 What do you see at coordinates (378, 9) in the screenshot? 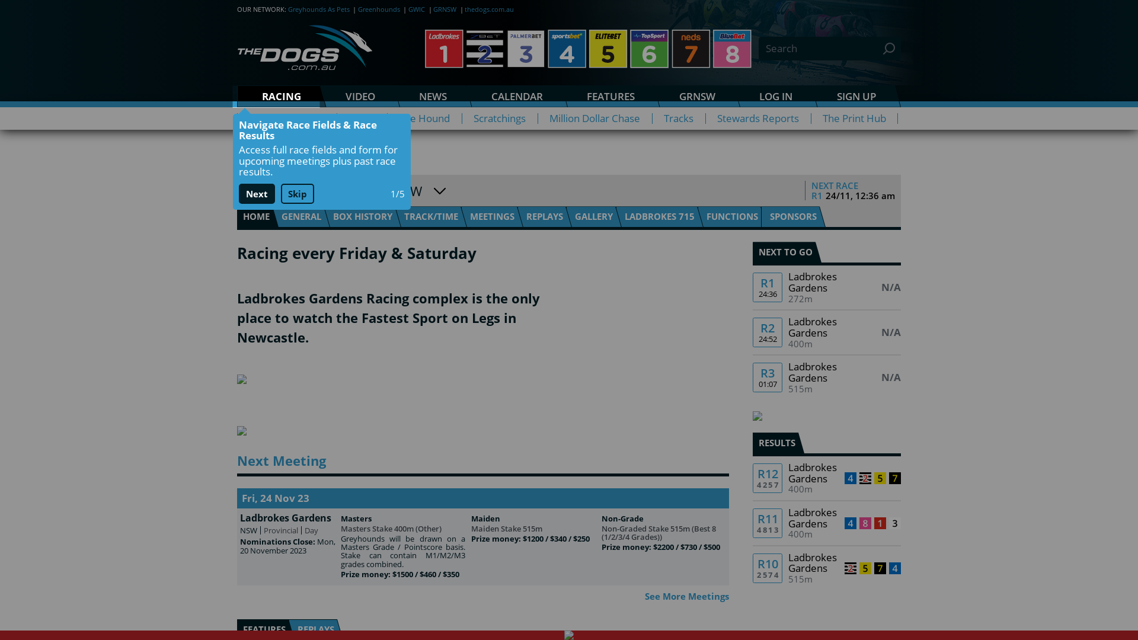
I see `'Greenhounds'` at bounding box center [378, 9].